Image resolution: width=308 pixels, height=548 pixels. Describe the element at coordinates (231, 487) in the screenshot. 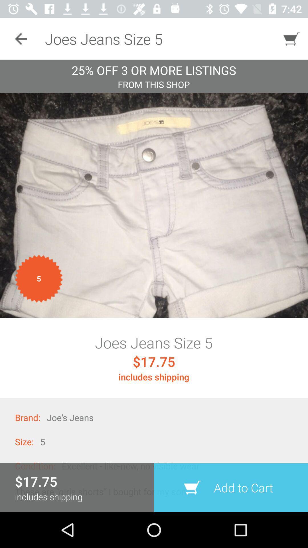

I see `the icon below the includes shipping` at that location.